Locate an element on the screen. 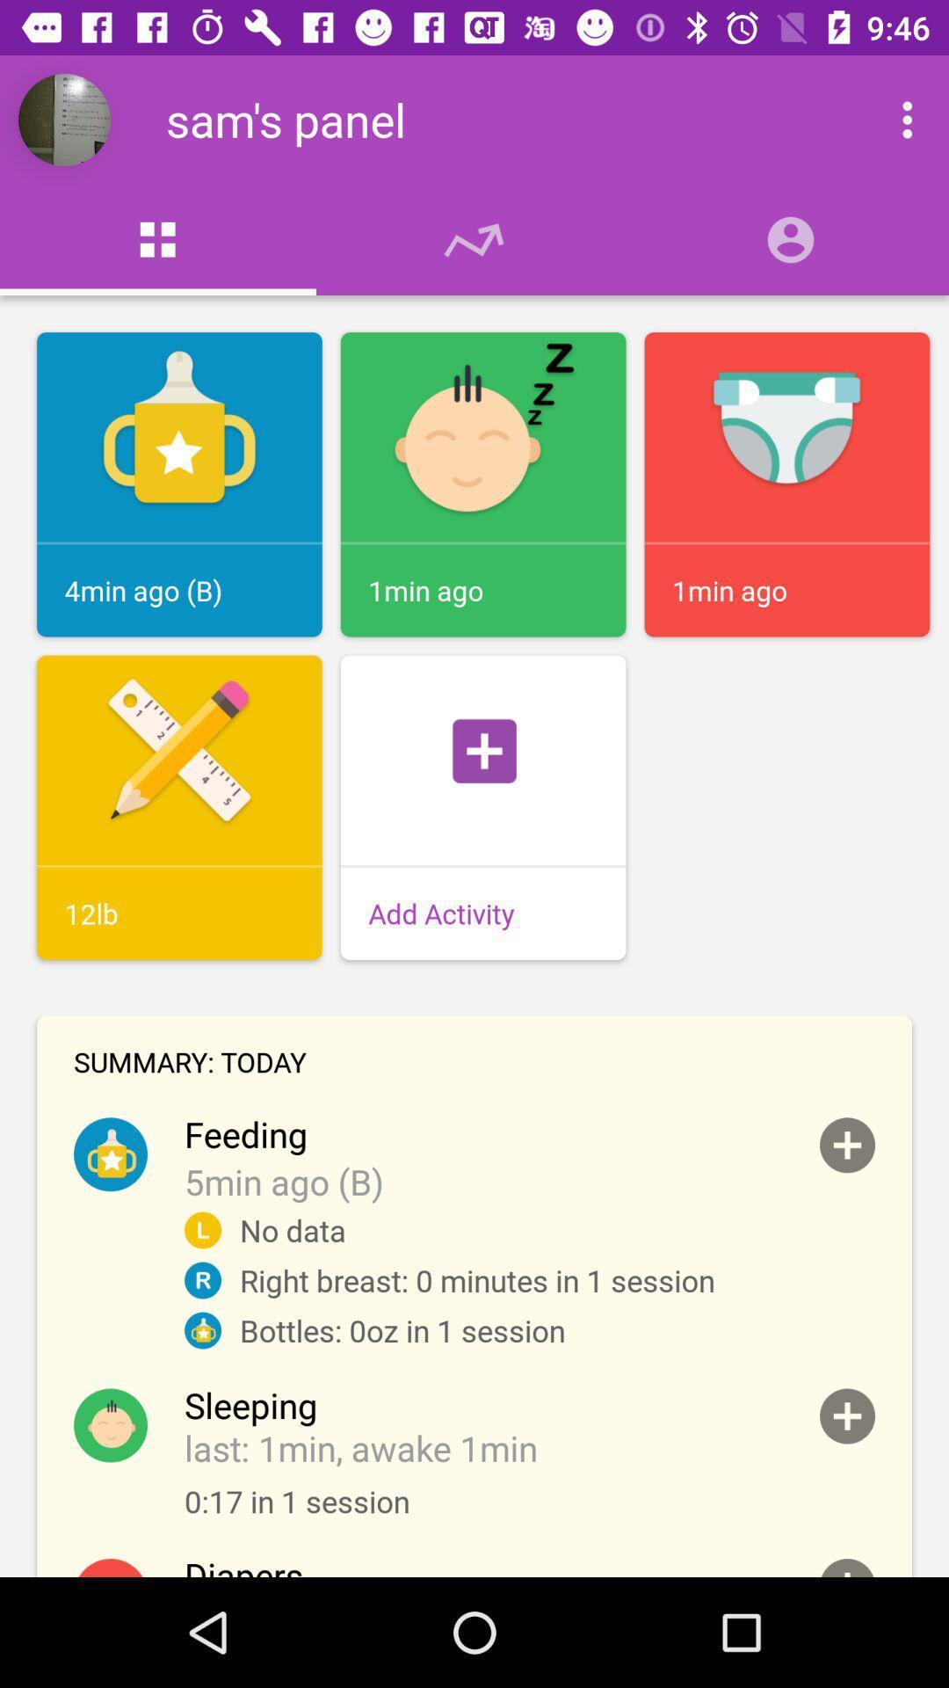 This screenshot has height=1688, width=949. click add option is located at coordinates (846, 1145).